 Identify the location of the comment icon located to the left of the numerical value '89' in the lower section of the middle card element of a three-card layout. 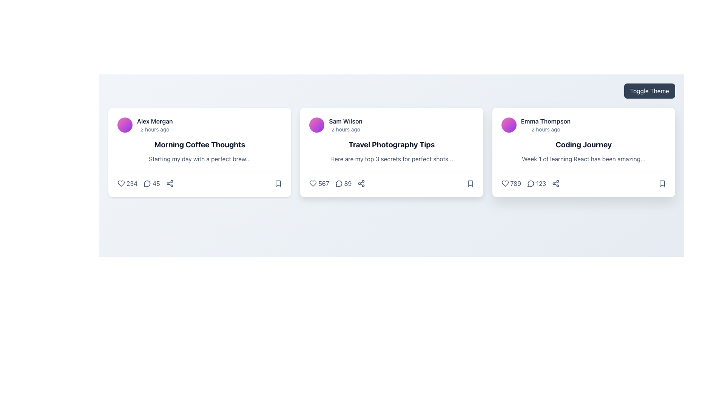
(338, 184).